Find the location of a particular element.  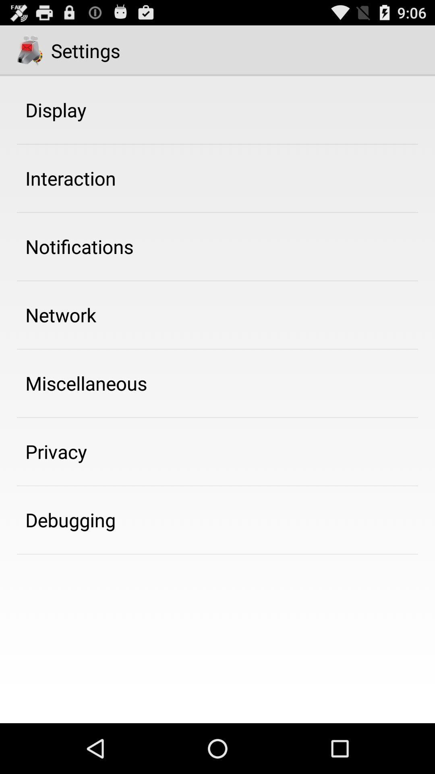

the app below miscellaneous icon is located at coordinates (56, 451).